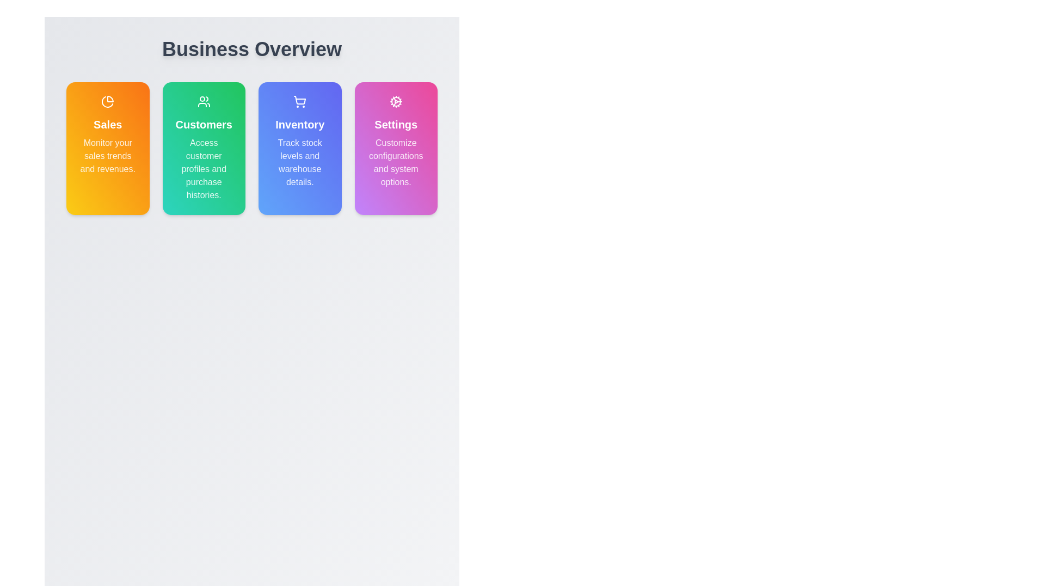 This screenshot has height=588, width=1045. I want to click on the shopping cart icon located at the top center of the blue card labeled 'Inventory', so click(300, 101).